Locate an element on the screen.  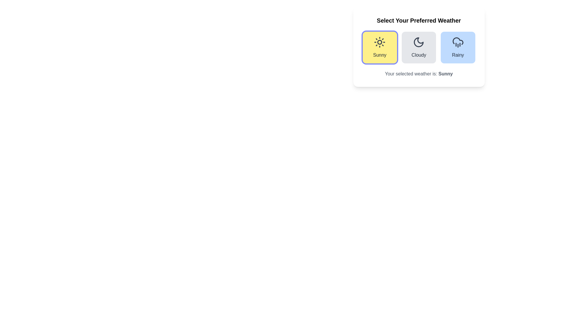
the 'Rainy' button which contains the weather condition icon indicating Rainy is located at coordinates (457, 41).